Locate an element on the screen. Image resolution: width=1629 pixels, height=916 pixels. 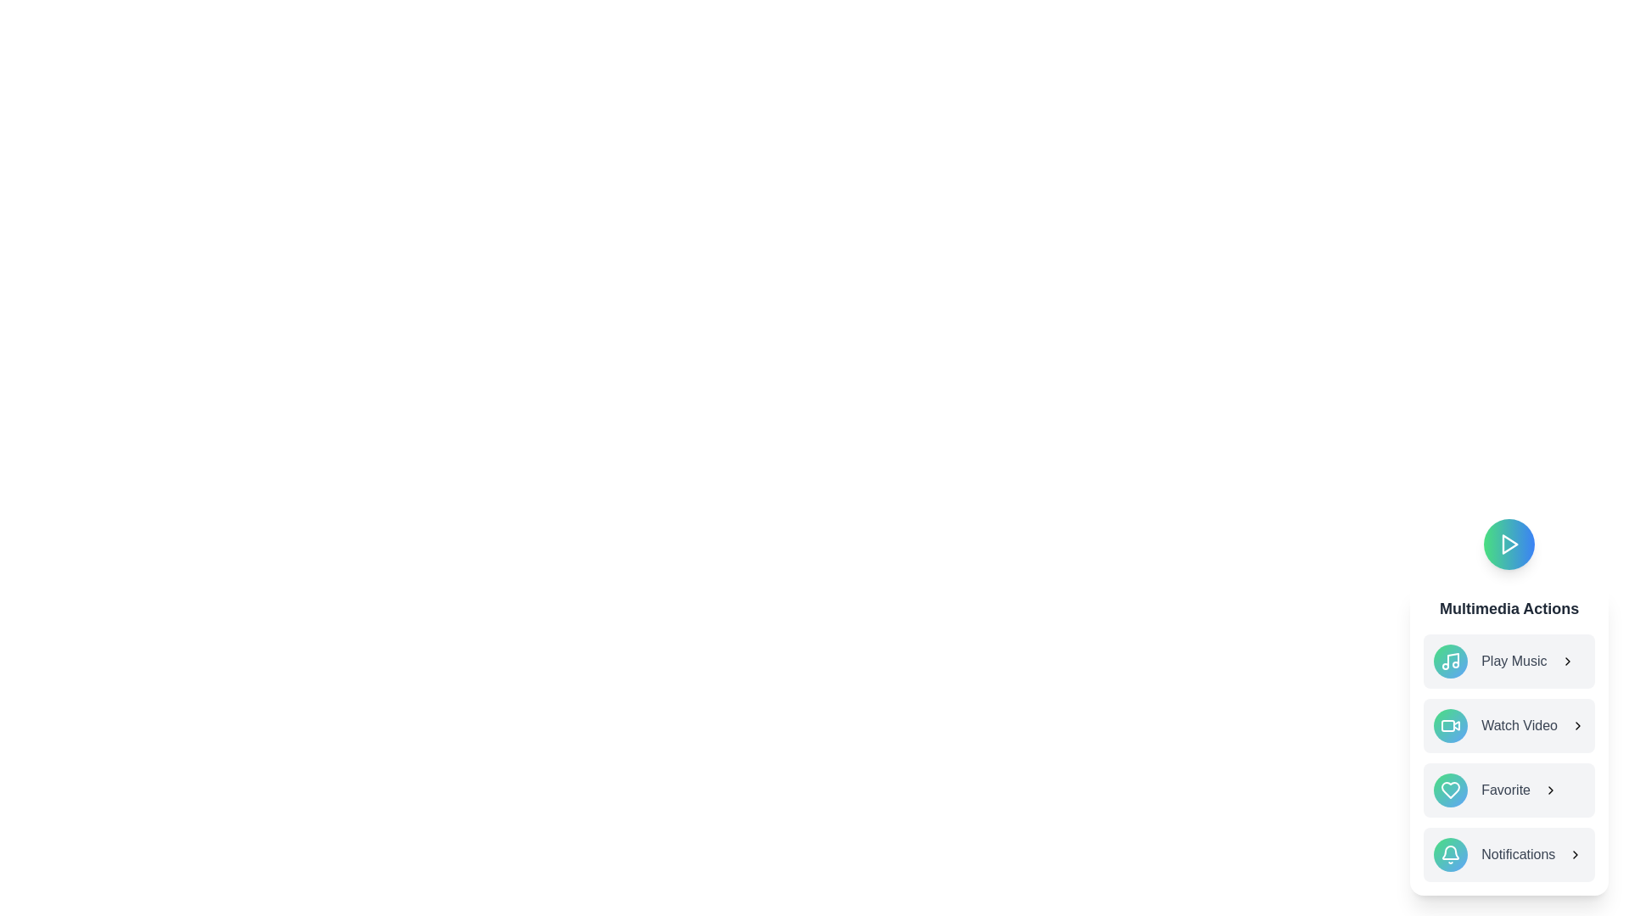
the icon of the menu item labeled Watch Video is located at coordinates (1450, 725).